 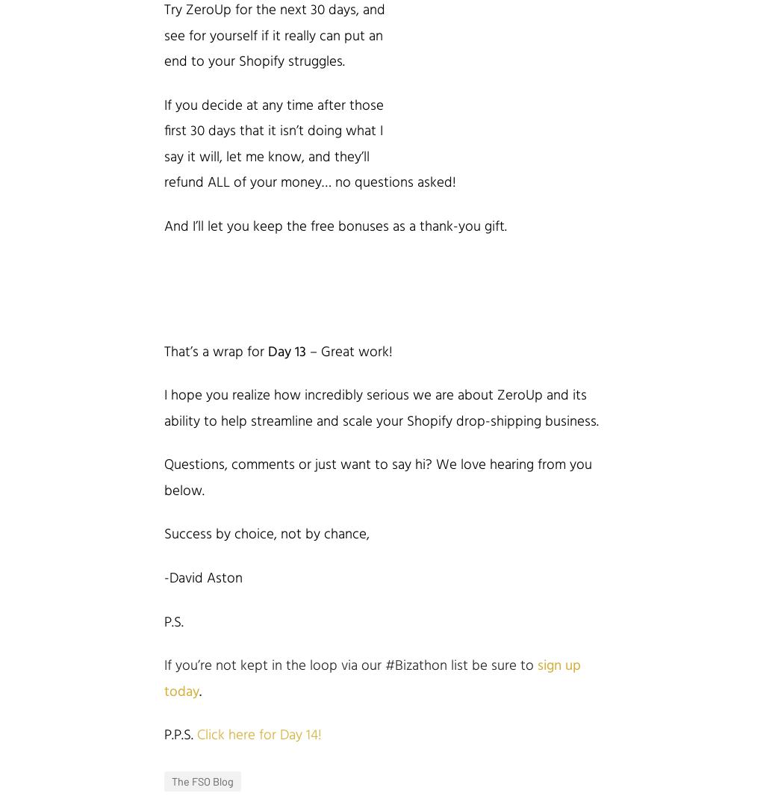 I want to click on 'If you’re not kept in the loop via our #Bizathon list be sure to', so click(x=350, y=666).